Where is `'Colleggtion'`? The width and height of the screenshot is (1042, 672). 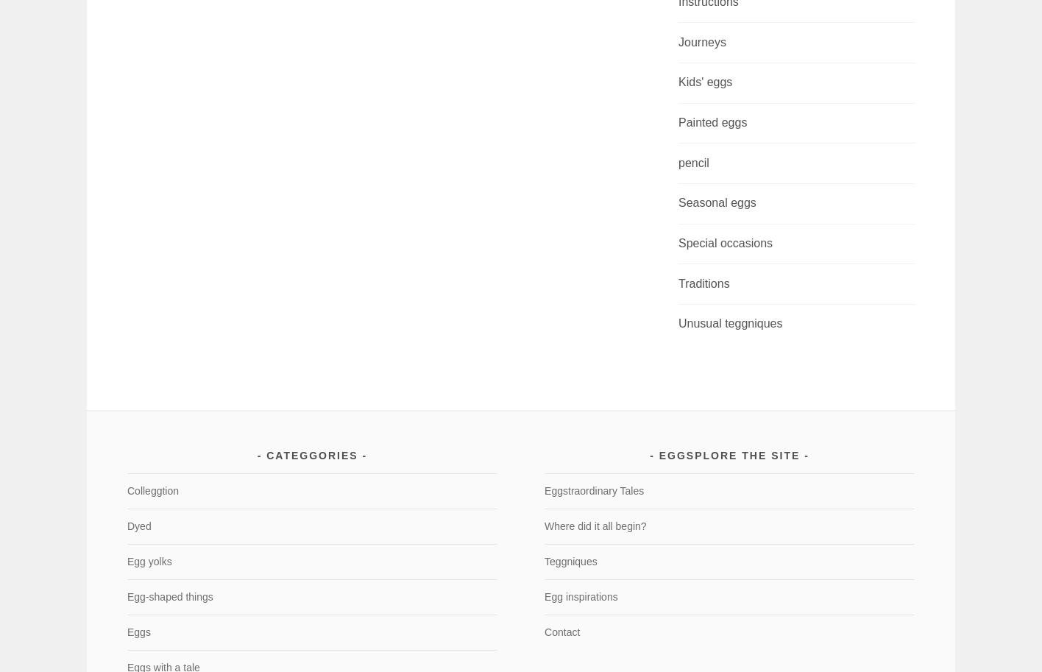
'Colleggtion' is located at coordinates (152, 490).